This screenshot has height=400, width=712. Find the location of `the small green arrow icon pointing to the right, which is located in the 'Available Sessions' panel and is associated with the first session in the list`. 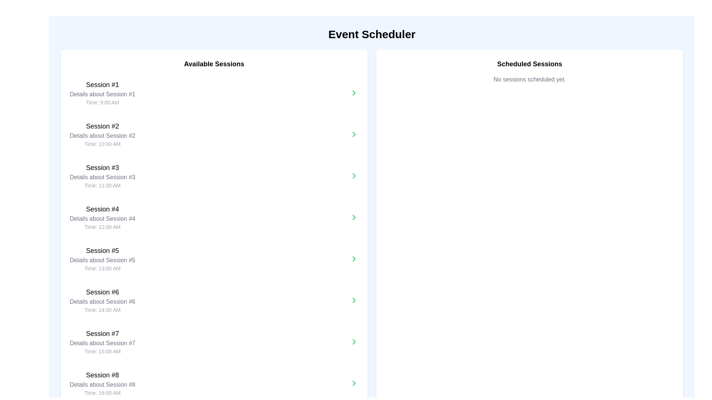

the small green arrow icon pointing to the right, which is located in the 'Available Sessions' panel and is associated with the first session in the list is located at coordinates (354, 92).